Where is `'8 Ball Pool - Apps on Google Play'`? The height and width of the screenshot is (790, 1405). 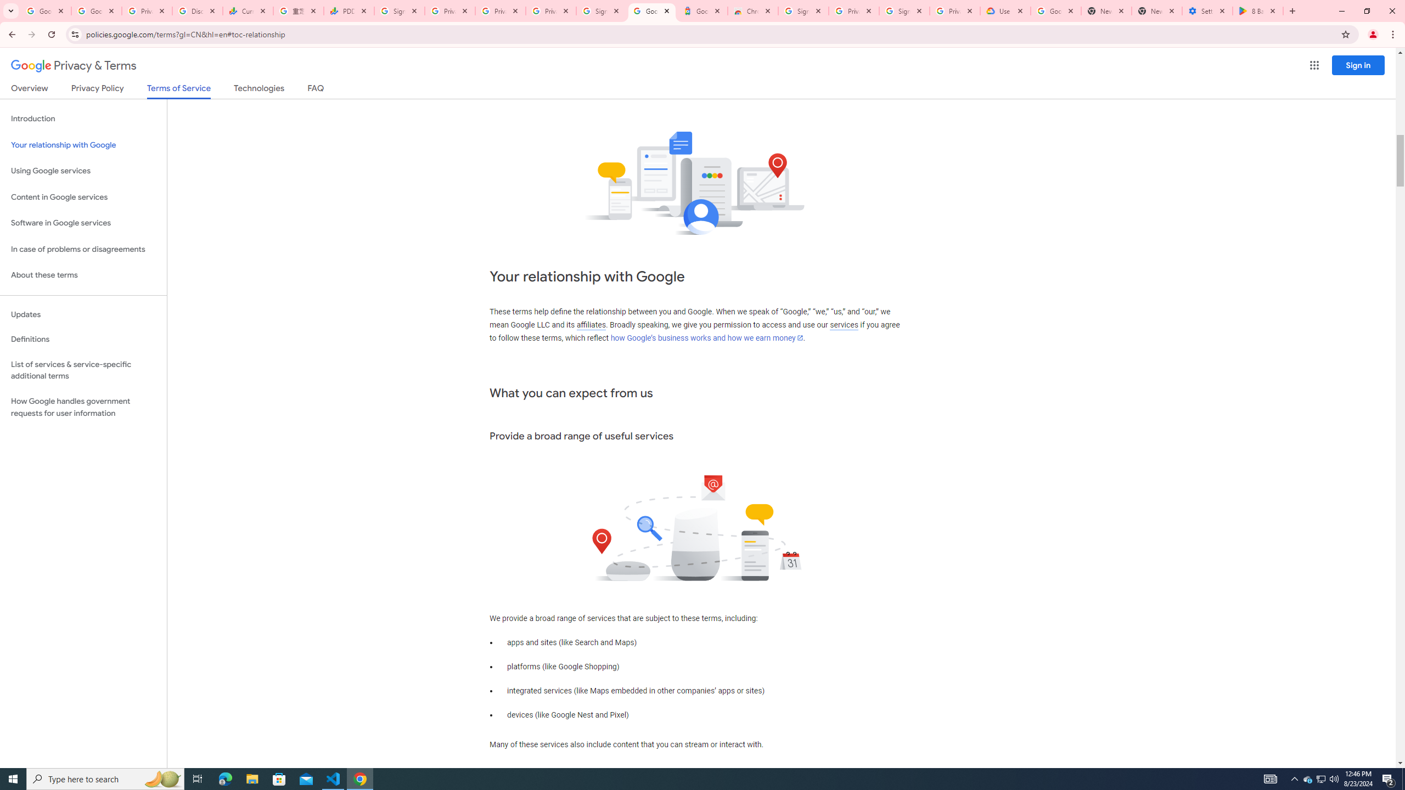
'8 Ball Pool - Apps on Google Play' is located at coordinates (1257, 10).